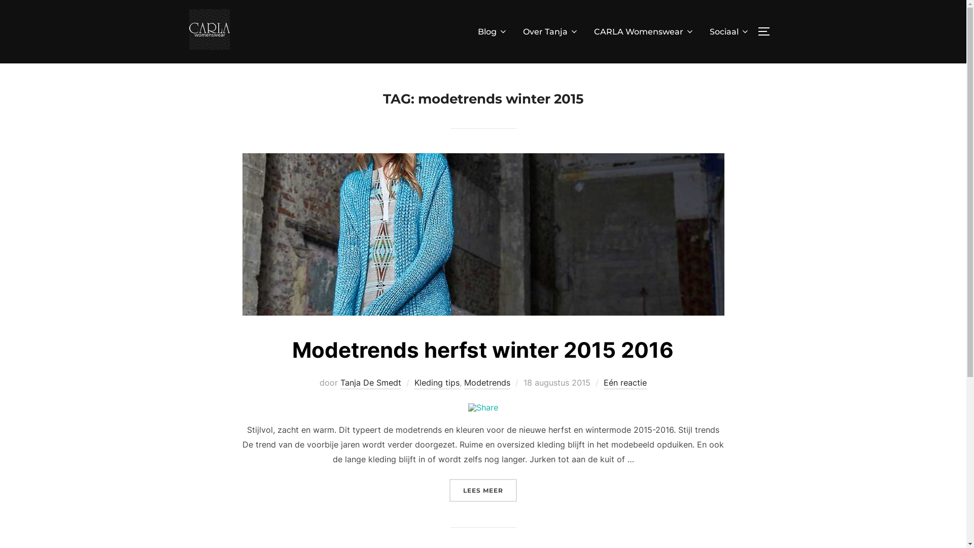  Describe the element at coordinates (549, 31) in the screenshot. I see `'Over Tanja'` at that location.